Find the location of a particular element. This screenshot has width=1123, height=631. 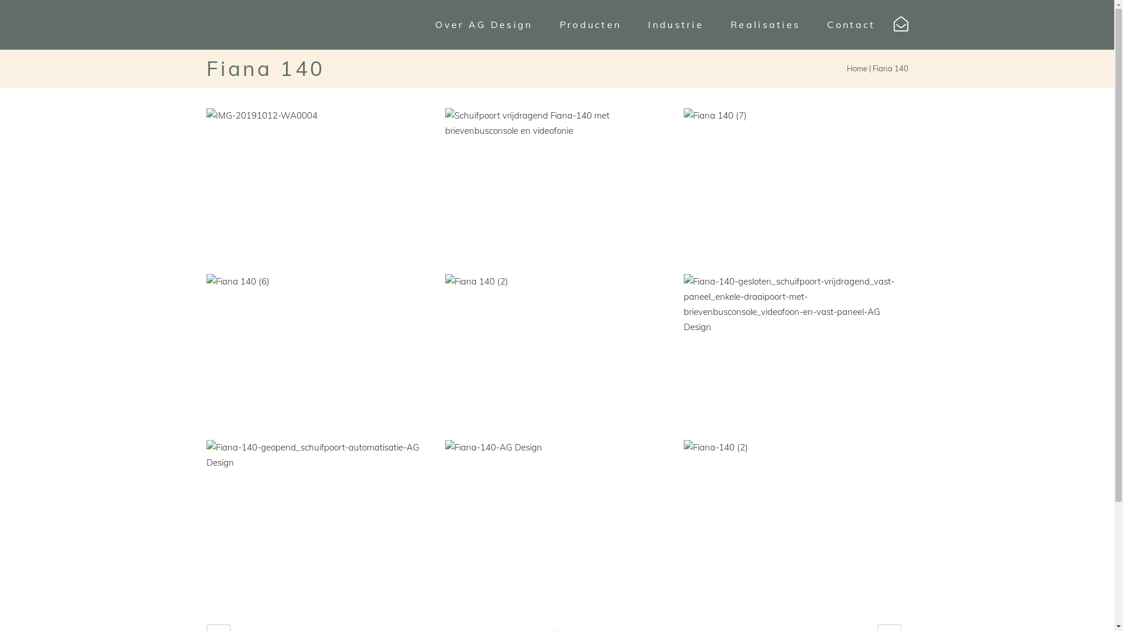

'Producten' is located at coordinates (590, 25).